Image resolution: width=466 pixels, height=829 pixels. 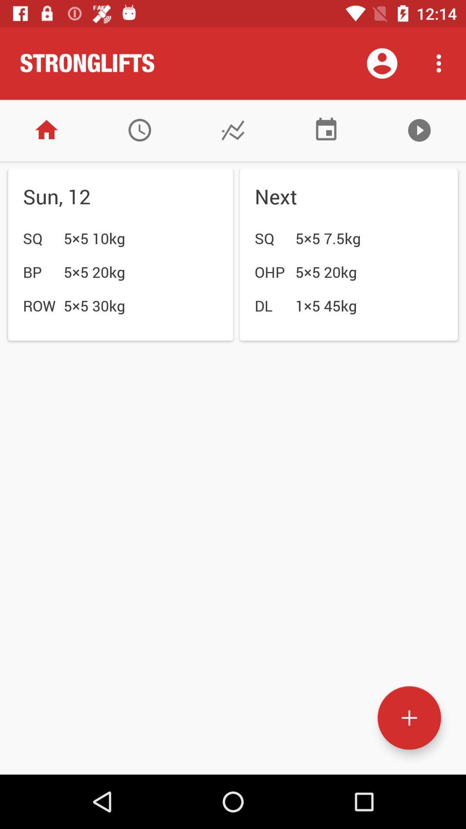 I want to click on workout planner, so click(x=139, y=130).